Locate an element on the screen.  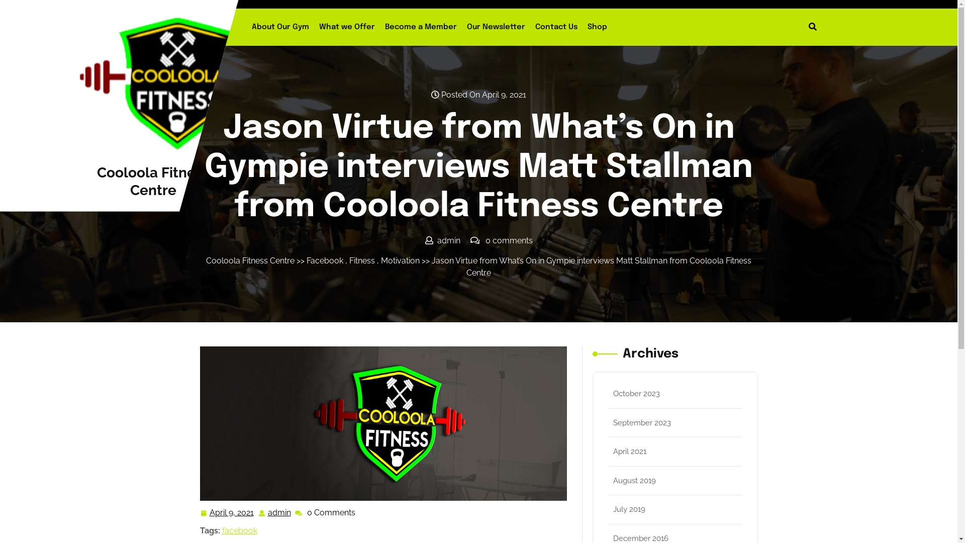
'Become a Member' is located at coordinates (421, 26).